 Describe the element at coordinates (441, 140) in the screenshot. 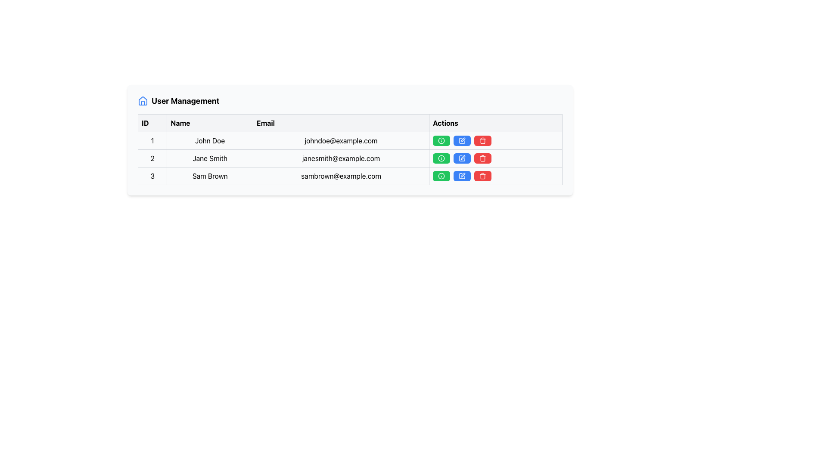

I see `the 'Info' icon, which is a circular icon with a green background and white border, located in the first row of the 'Actions' column in the table` at that location.